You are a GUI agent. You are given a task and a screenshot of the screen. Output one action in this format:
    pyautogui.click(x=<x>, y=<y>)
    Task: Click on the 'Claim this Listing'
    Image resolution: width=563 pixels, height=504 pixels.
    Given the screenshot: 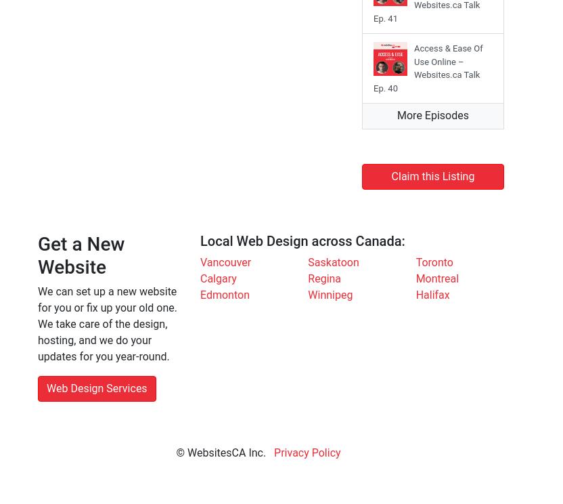 What is the action you would take?
    pyautogui.click(x=432, y=176)
    